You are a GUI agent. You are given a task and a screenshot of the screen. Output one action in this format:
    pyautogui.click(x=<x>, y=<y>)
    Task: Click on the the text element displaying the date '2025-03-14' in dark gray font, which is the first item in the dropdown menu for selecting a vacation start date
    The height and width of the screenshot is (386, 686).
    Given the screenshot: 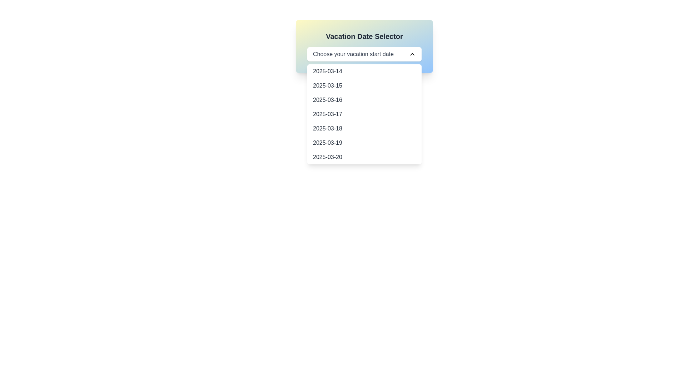 What is the action you would take?
    pyautogui.click(x=327, y=71)
    